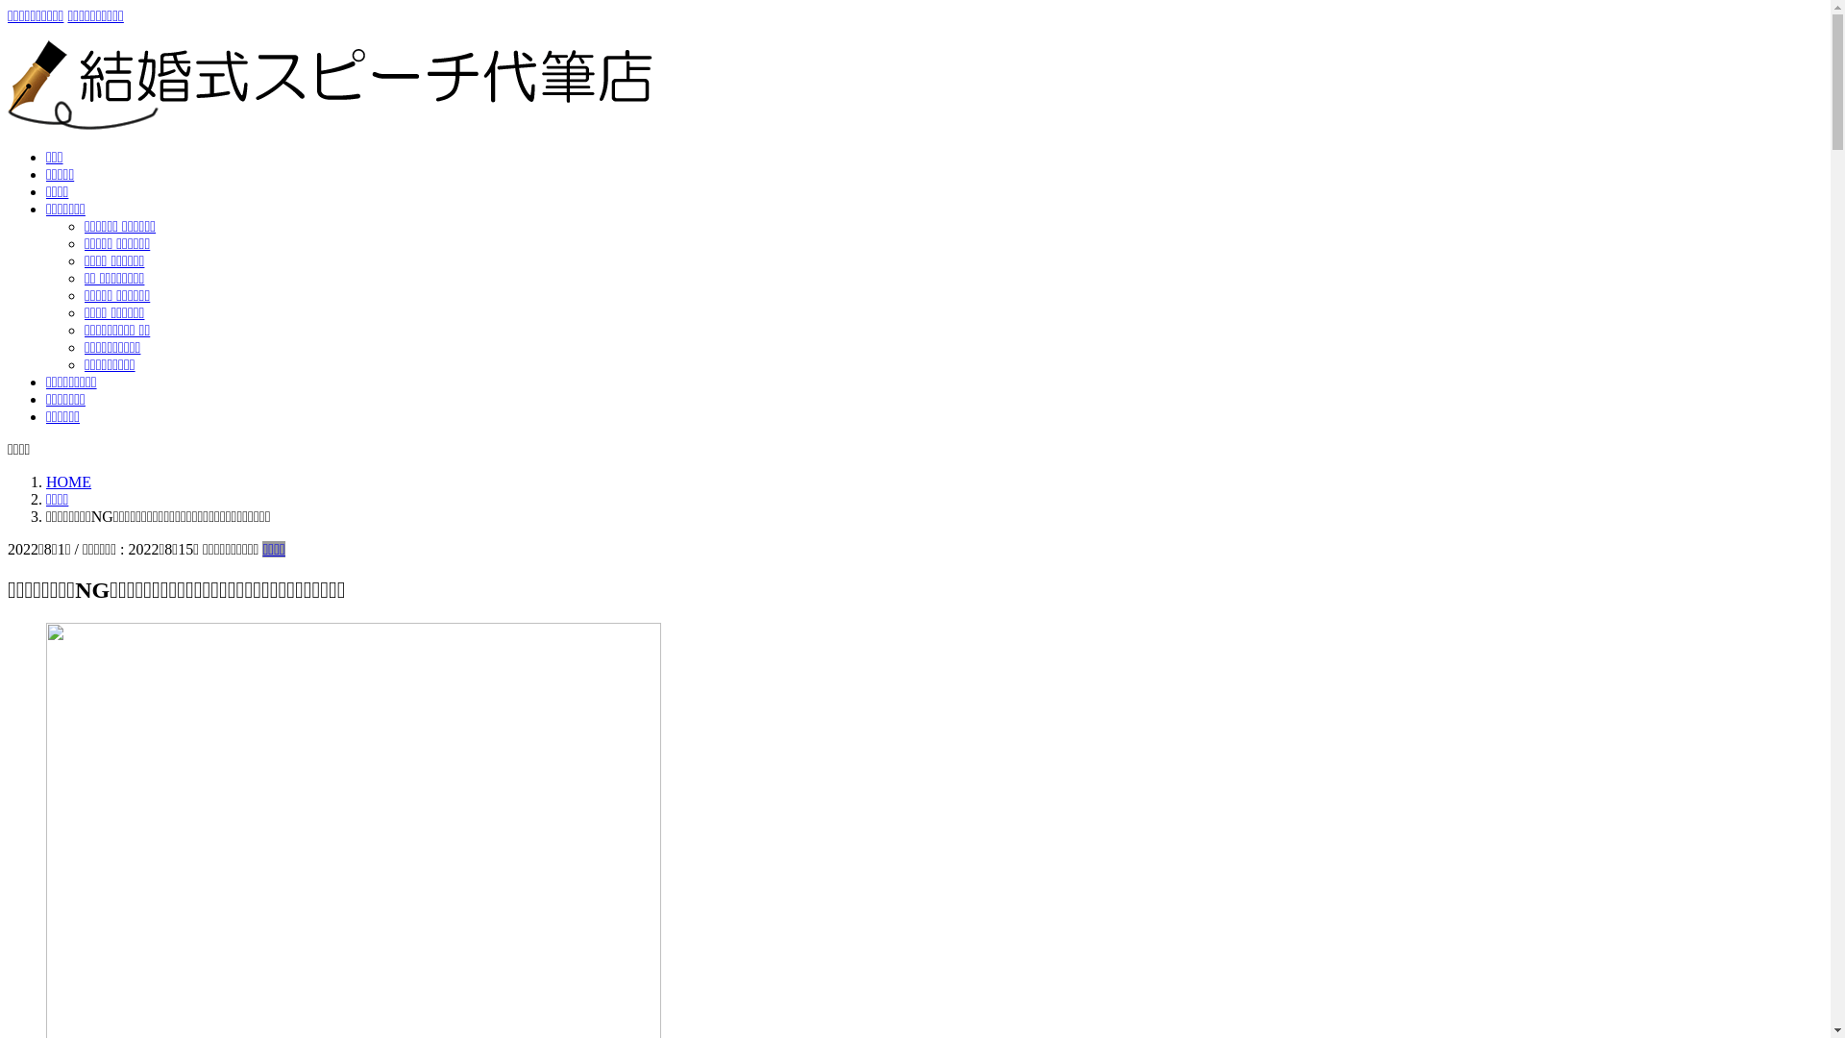  Describe the element at coordinates (68, 481) in the screenshot. I see `'HOME'` at that location.